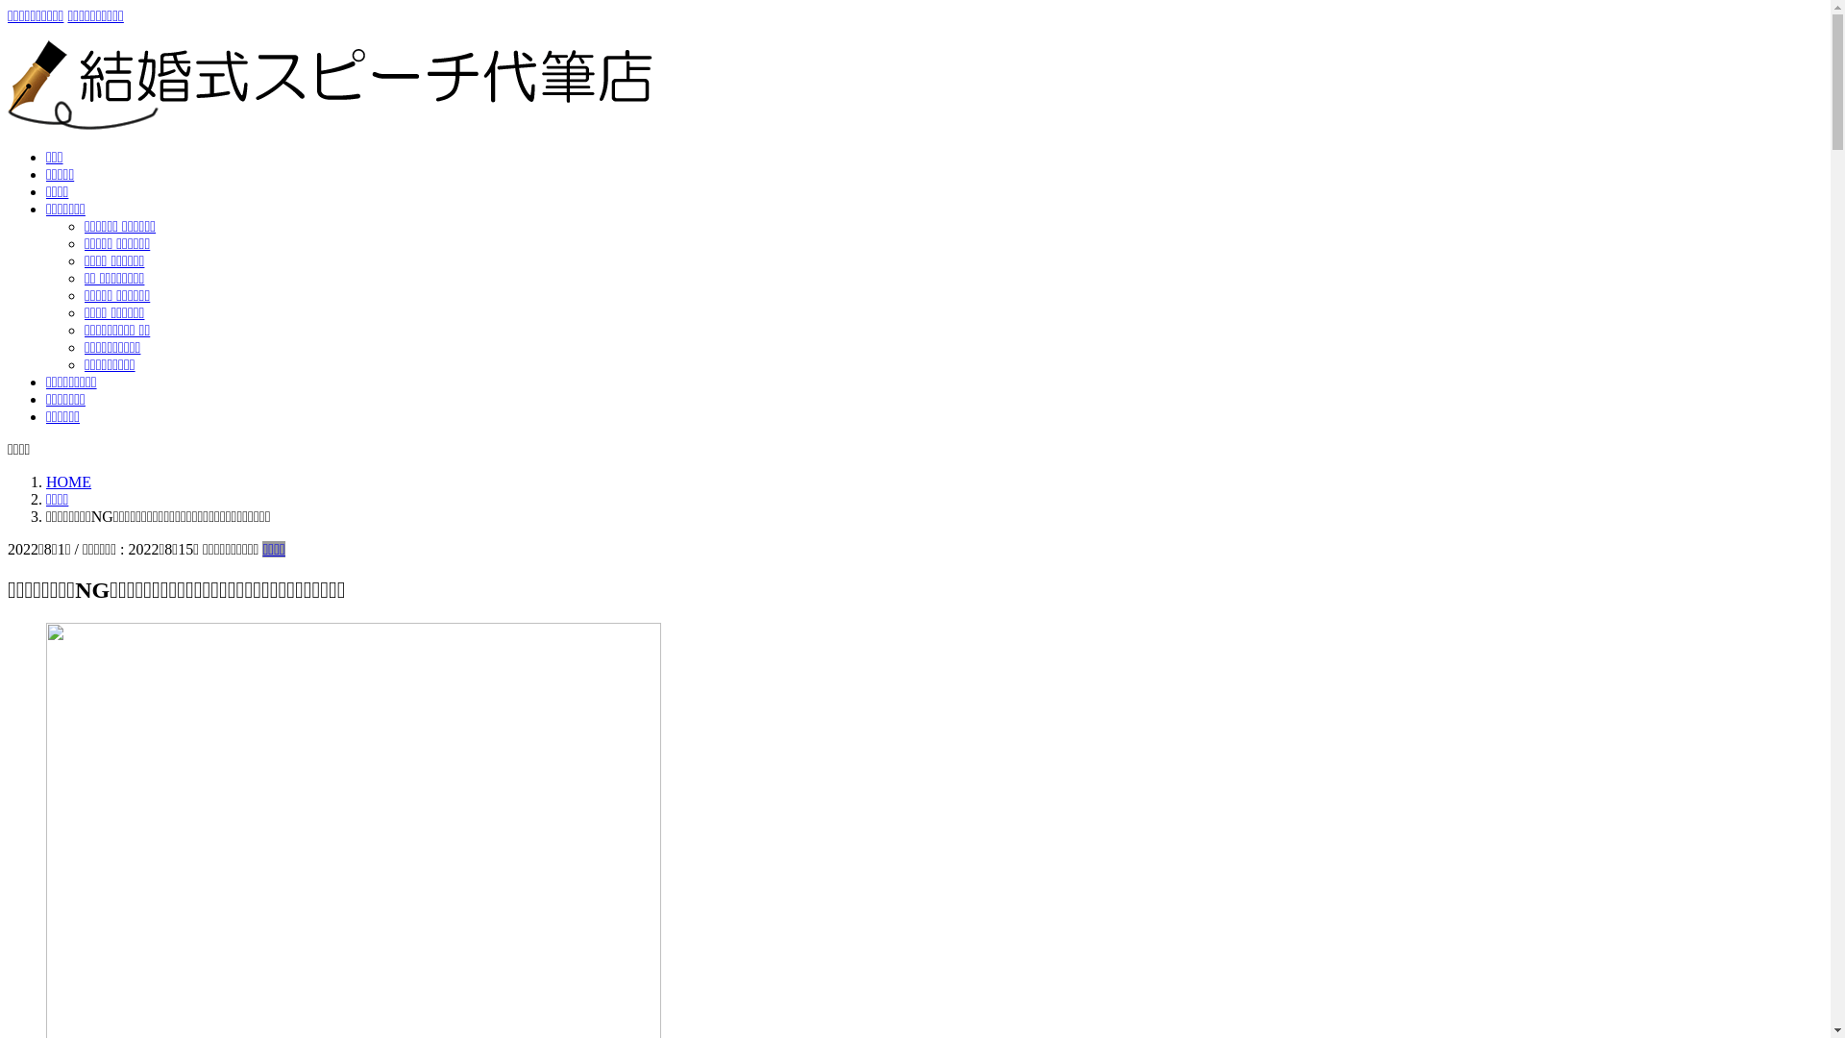  Describe the element at coordinates (68, 481) in the screenshot. I see `'HOME'` at that location.